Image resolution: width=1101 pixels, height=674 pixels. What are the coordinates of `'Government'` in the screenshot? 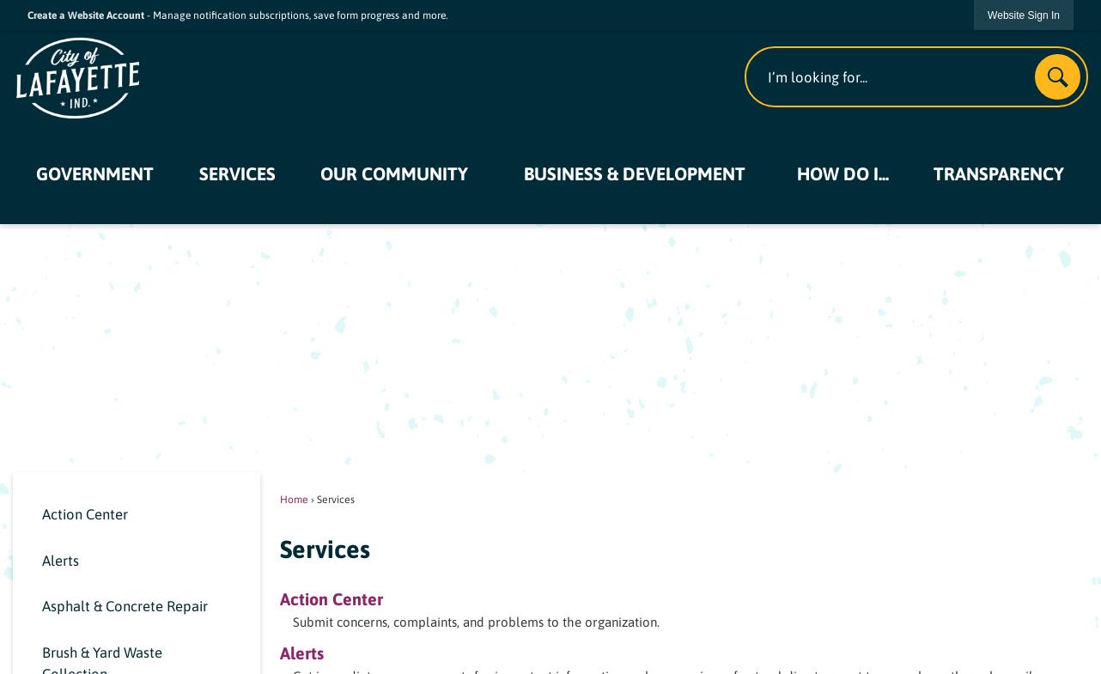 It's located at (94, 172).